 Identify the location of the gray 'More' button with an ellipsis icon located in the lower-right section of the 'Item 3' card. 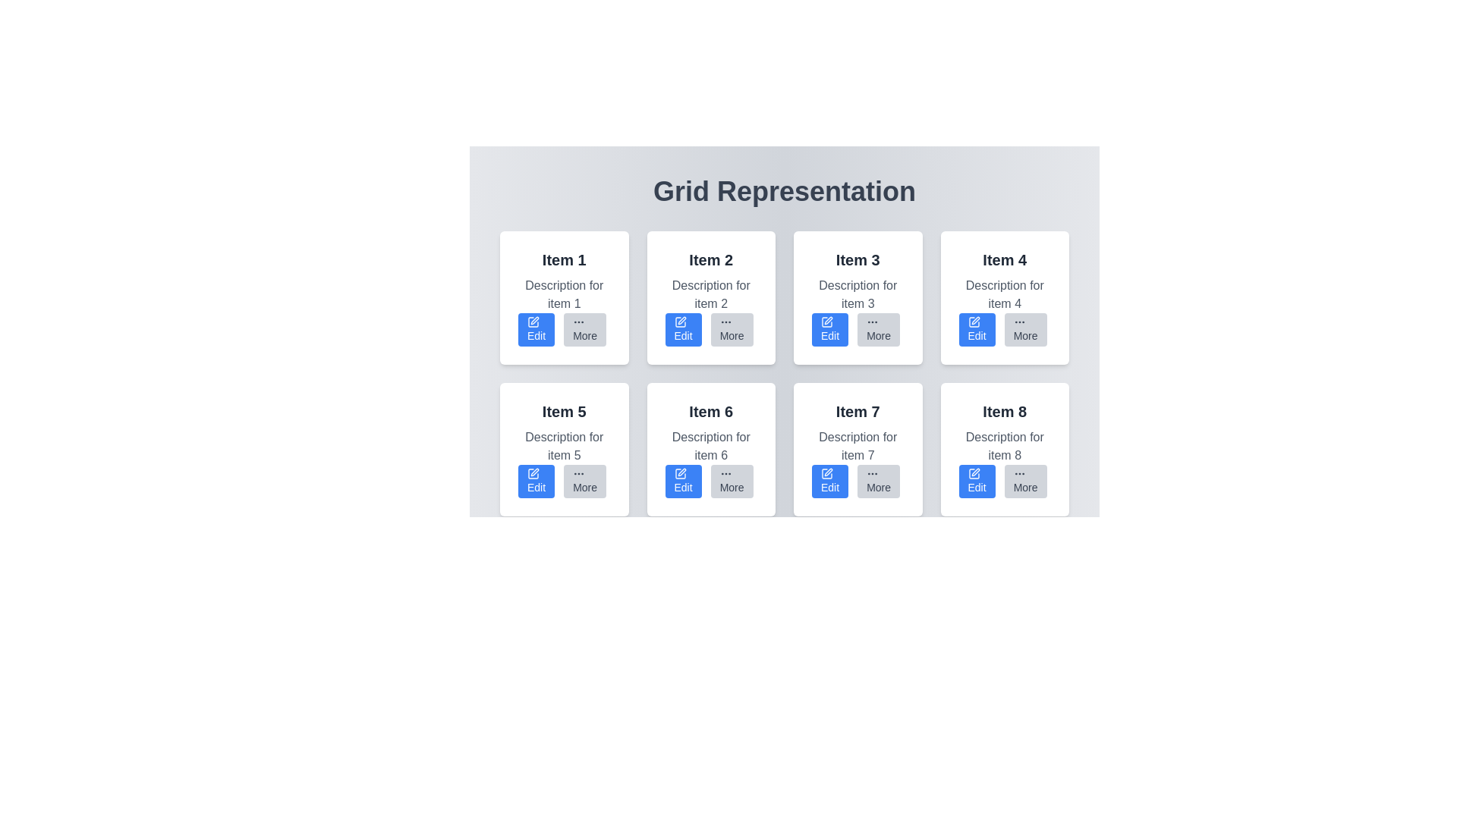
(858, 329).